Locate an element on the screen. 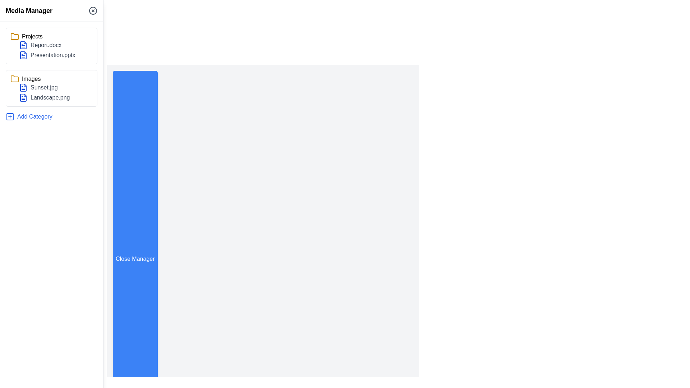 This screenshot has height=388, width=690. to select the file named 'Presentation.pptx' in the file manager interface, located under the 'Projects' category is located at coordinates (55, 55).